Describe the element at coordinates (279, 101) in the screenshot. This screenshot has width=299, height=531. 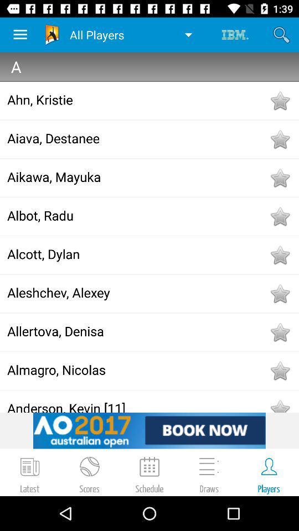
I see `bookmark a contact` at that location.